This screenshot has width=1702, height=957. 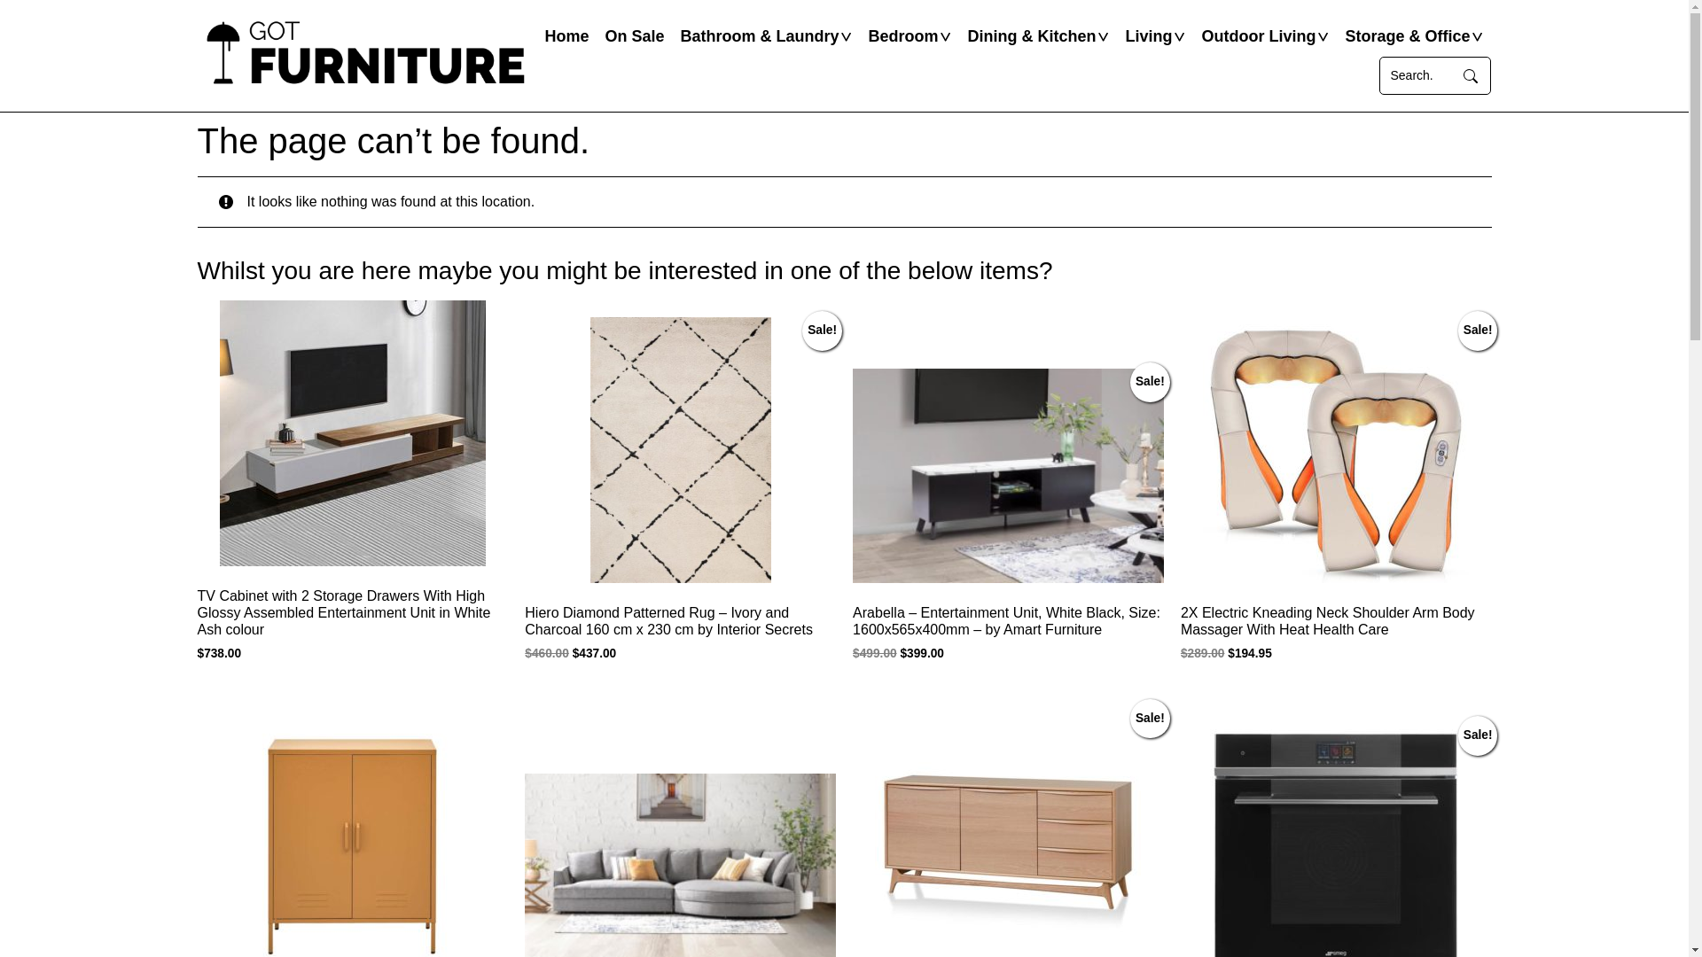 I want to click on 'Storage & Office', so click(x=1406, y=36).